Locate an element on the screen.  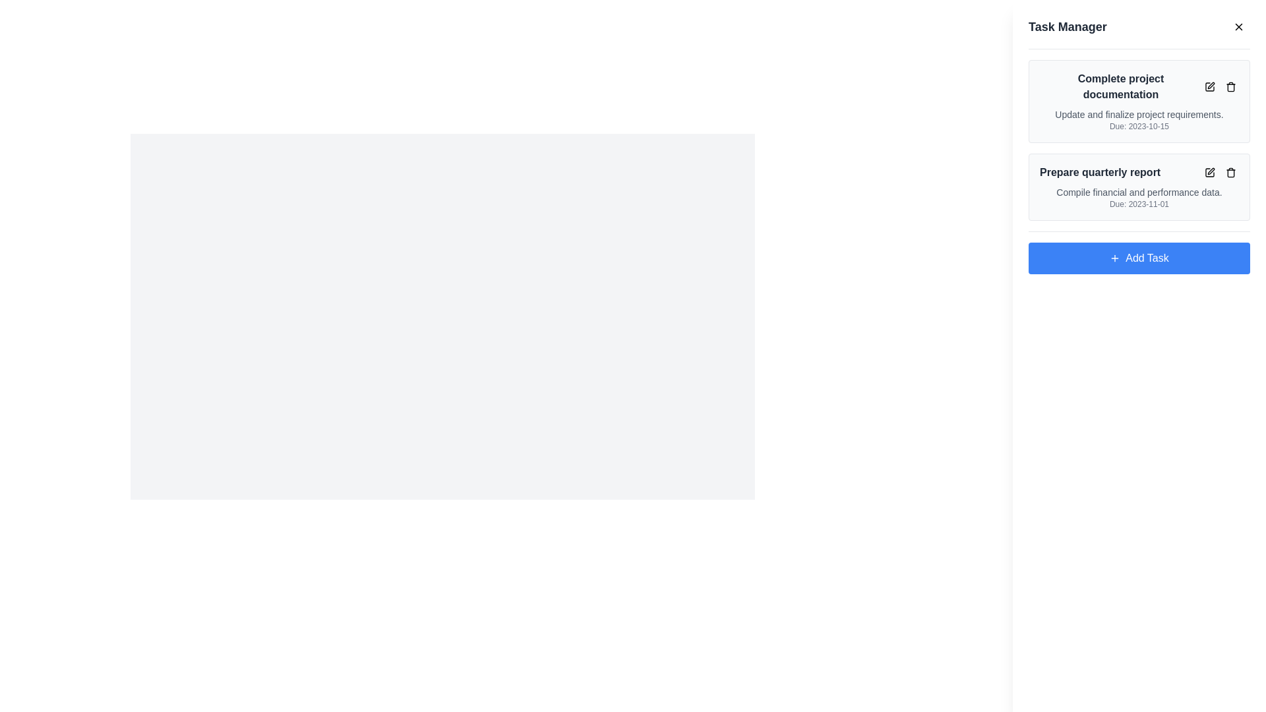
the trash bin icon, which is a rectangular SVG graphic with an outline appearance, located next to the 'Prepare quarterly report' task in the task management interface is located at coordinates (1230, 172).